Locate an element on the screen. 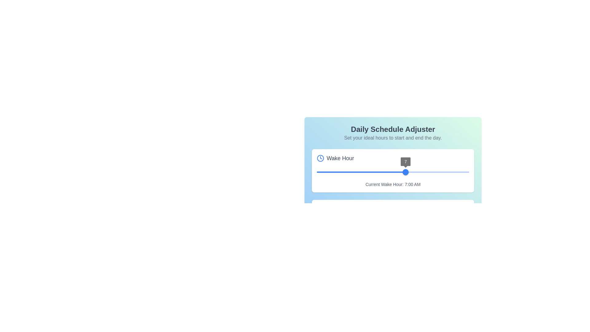 Image resolution: width=590 pixels, height=332 pixels. the wake hour is located at coordinates (409, 172).